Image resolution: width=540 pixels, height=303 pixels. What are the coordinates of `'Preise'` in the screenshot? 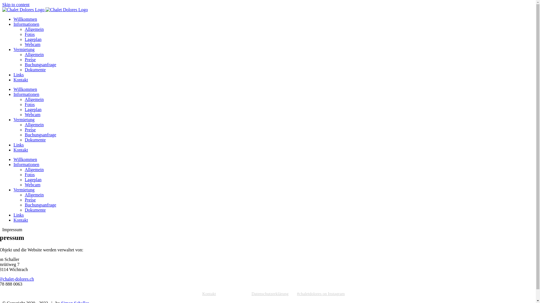 It's located at (30, 199).